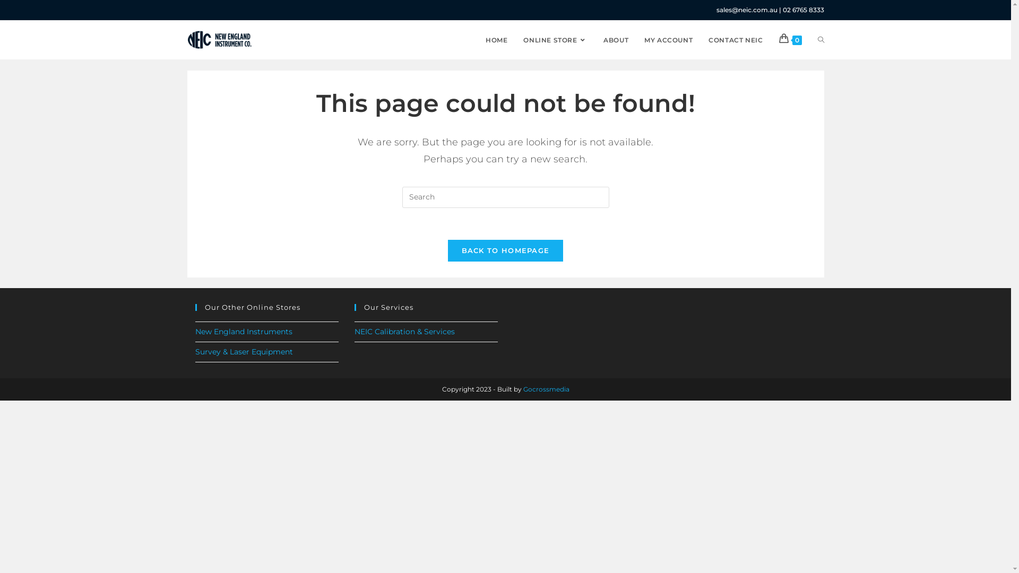 Image resolution: width=1019 pixels, height=573 pixels. What do you see at coordinates (523, 389) in the screenshot?
I see `'Gocrossmedia'` at bounding box center [523, 389].